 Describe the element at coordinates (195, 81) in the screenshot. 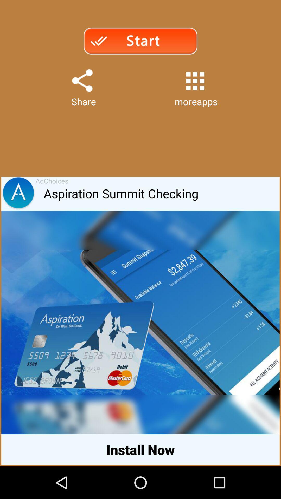

I see `app above moreapps` at that location.